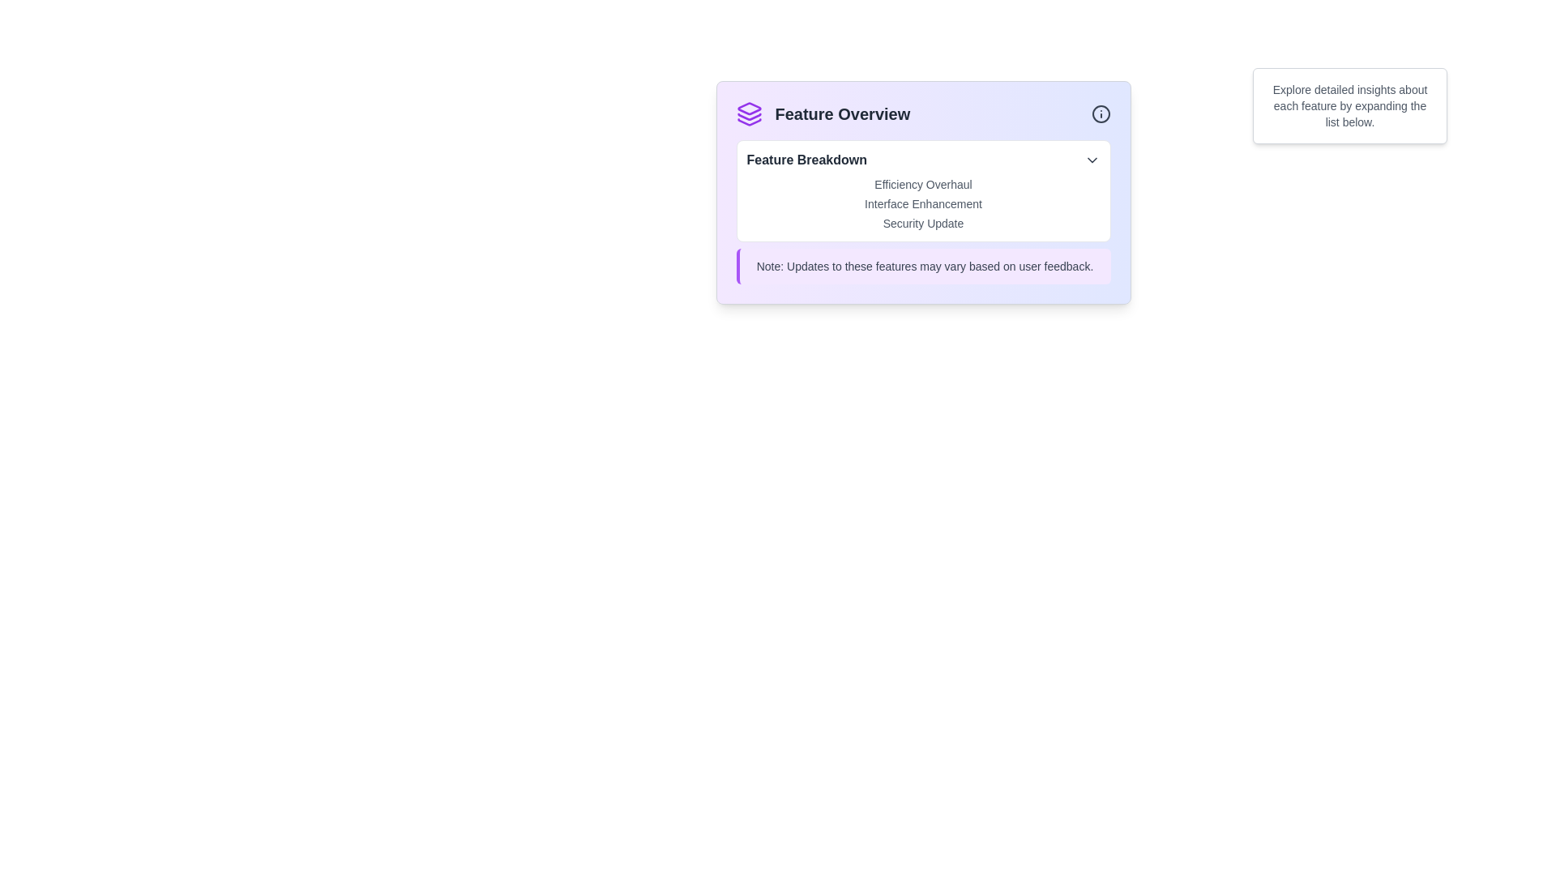 This screenshot has width=1556, height=875. I want to click on the third layer of the stack icon, which is styled in purple and located within the SVG graphic on the top left corner of the purple card titled 'Feature Overview', so click(748, 121).